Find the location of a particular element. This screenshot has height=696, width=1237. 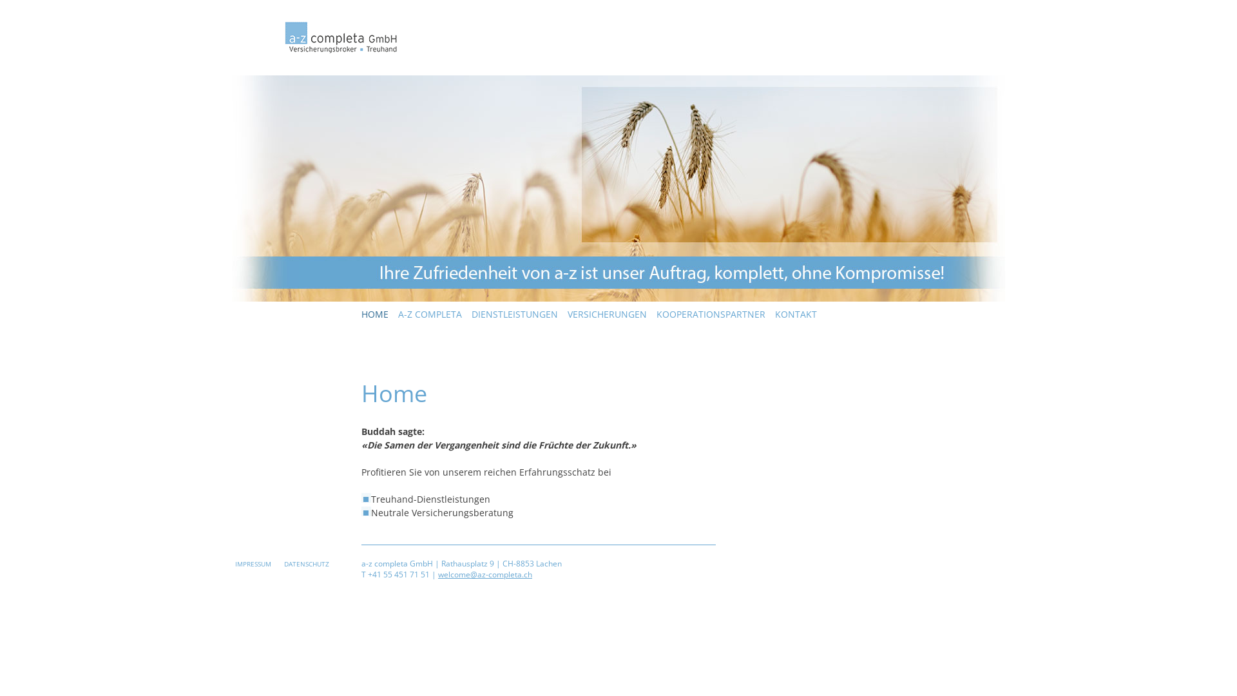

'KOOPERATIONSPARTNER' is located at coordinates (710, 314).